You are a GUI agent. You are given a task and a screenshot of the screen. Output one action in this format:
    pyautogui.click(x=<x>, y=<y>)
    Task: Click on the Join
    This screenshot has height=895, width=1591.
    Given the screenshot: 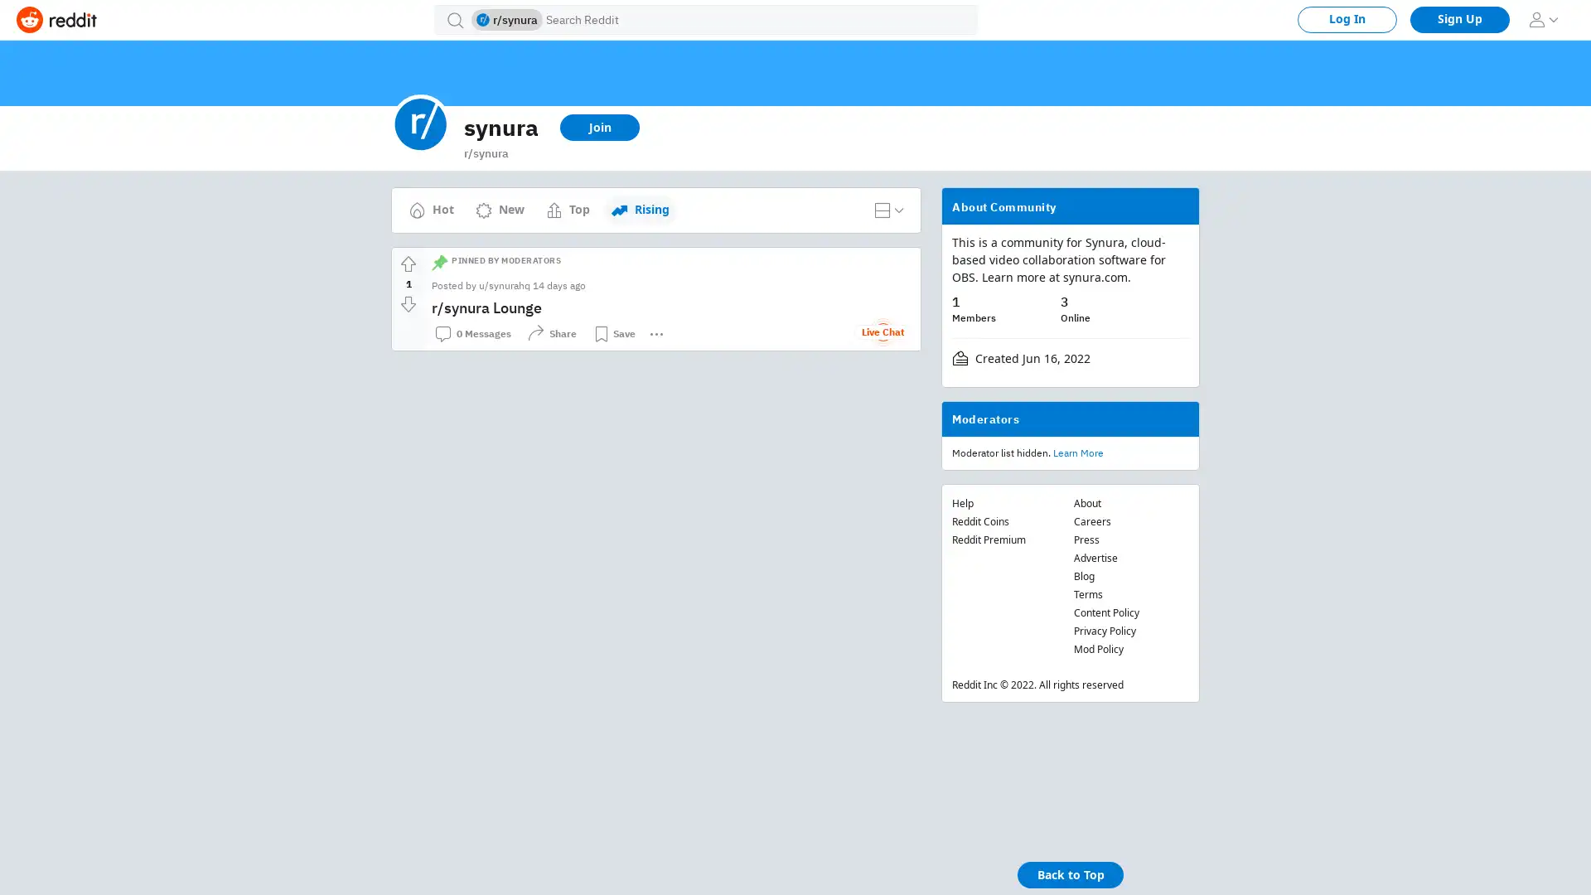 What is the action you would take?
    pyautogui.click(x=599, y=127)
    